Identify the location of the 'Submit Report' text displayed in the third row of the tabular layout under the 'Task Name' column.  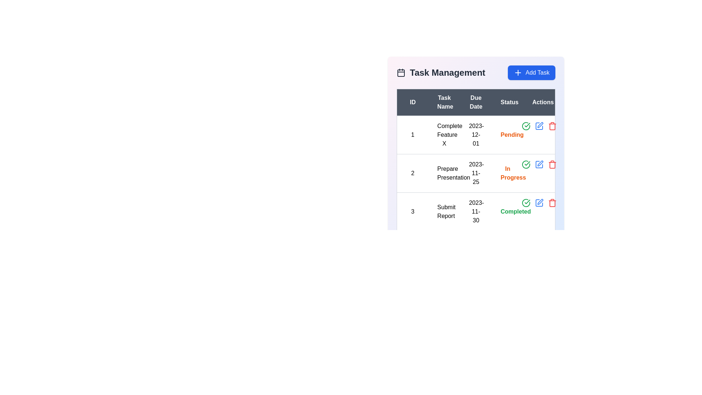
(444, 211).